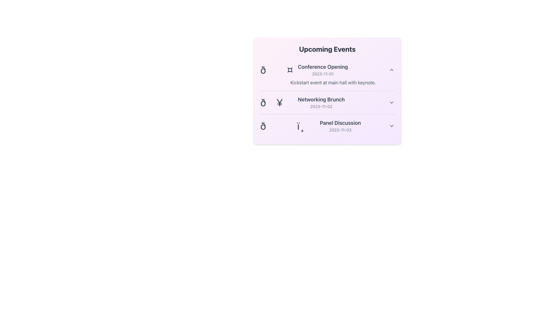  Describe the element at coordinates (321, 102) in the screenshot. I see `the 'Networking Brunch' informational entry, which is the second item in the 'Upcoming Events' panel, located between 'Conference Opening' and 'Panel Discussion'` at that location.